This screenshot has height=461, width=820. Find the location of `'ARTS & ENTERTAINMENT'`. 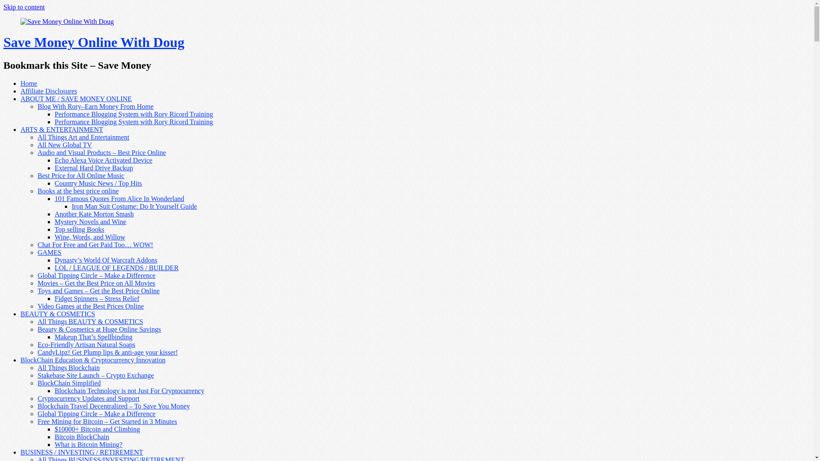

'ARTS & ENTERTAINMENT' is located at coordinates (20, 129).